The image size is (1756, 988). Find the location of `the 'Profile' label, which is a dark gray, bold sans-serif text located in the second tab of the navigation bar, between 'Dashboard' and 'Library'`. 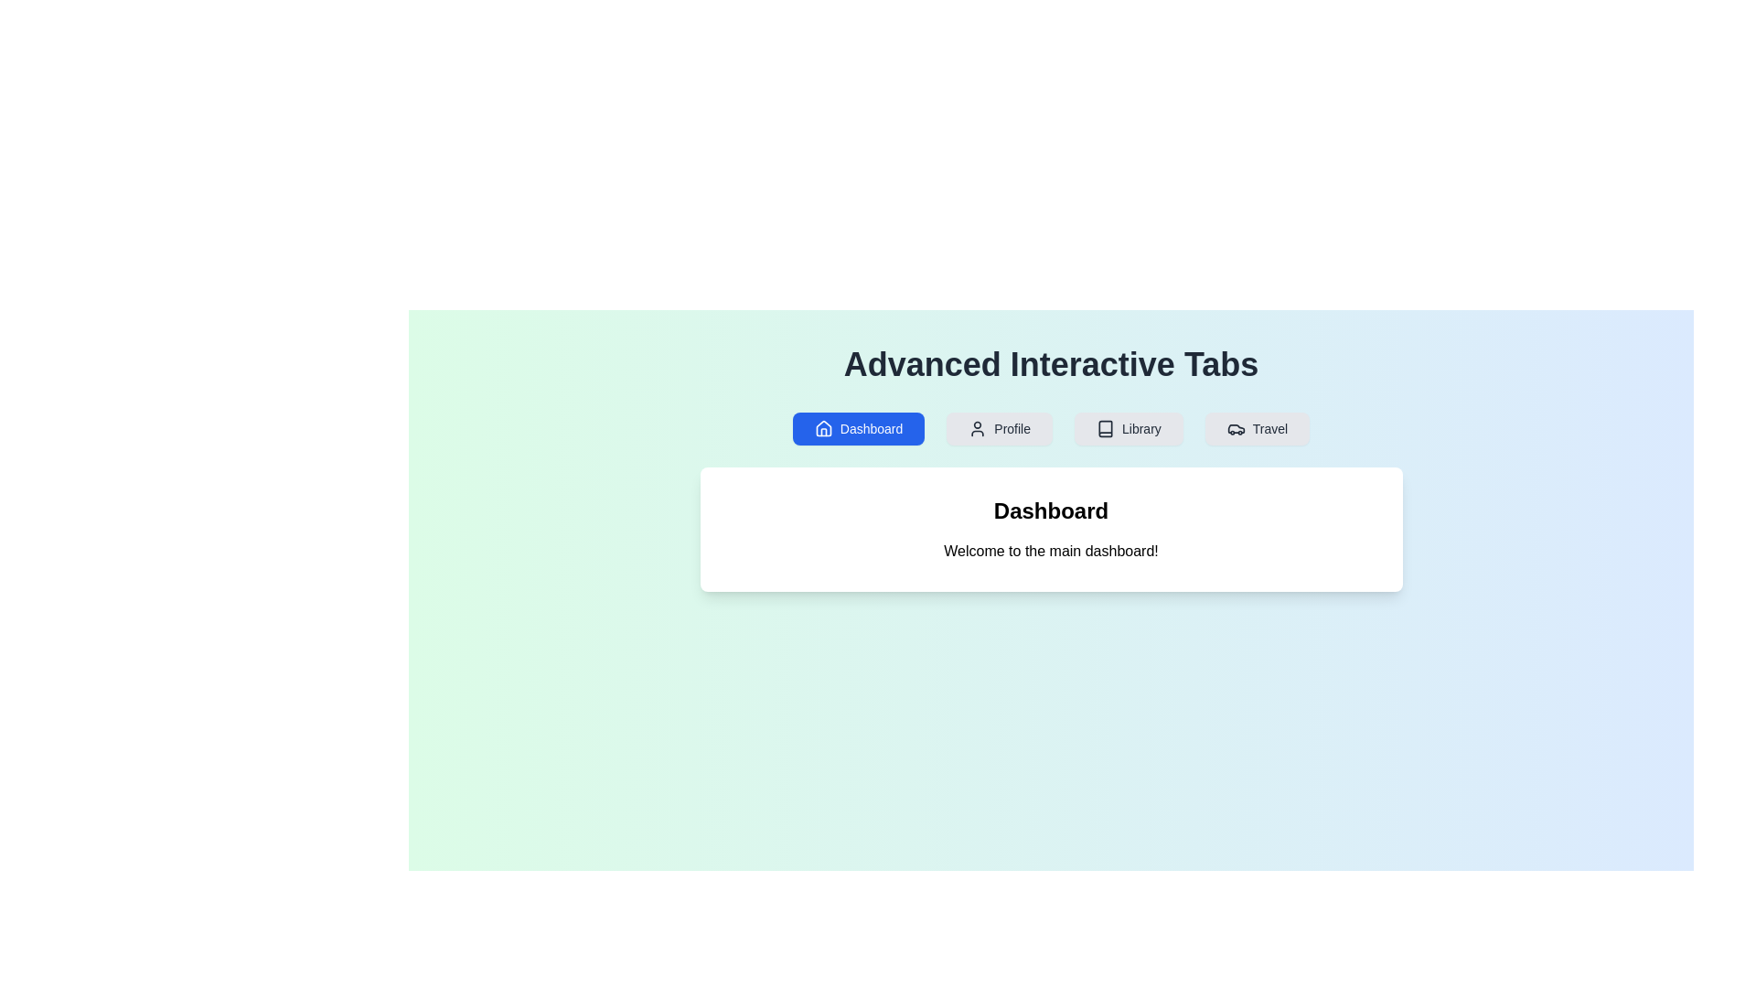

the 'Profile' label, which is a dark gray, bold sans-serif text located in the second tab of the navigation bar, between 'Dashboard' and 'Library' is located at coordinates (1012, 429).